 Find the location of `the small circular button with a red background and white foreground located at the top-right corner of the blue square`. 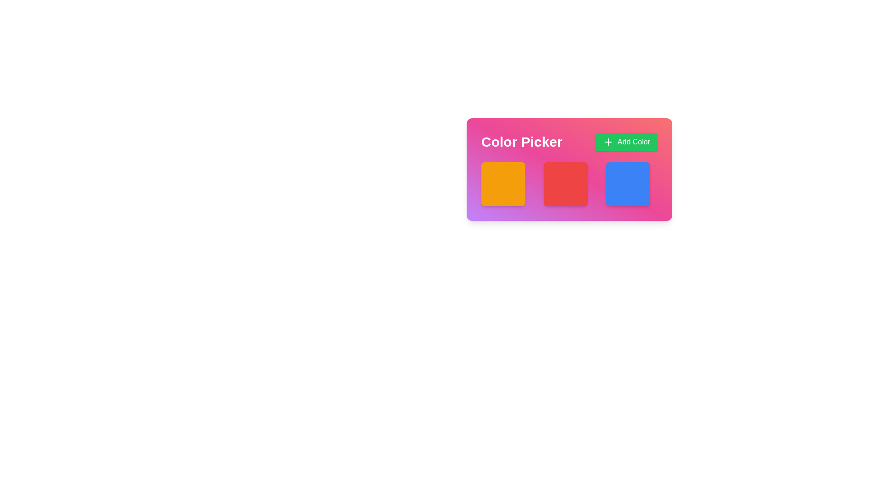

the small circular button with a red background and white foreground located at the top-right corner of the blue square is located at coordinates (649, 170).